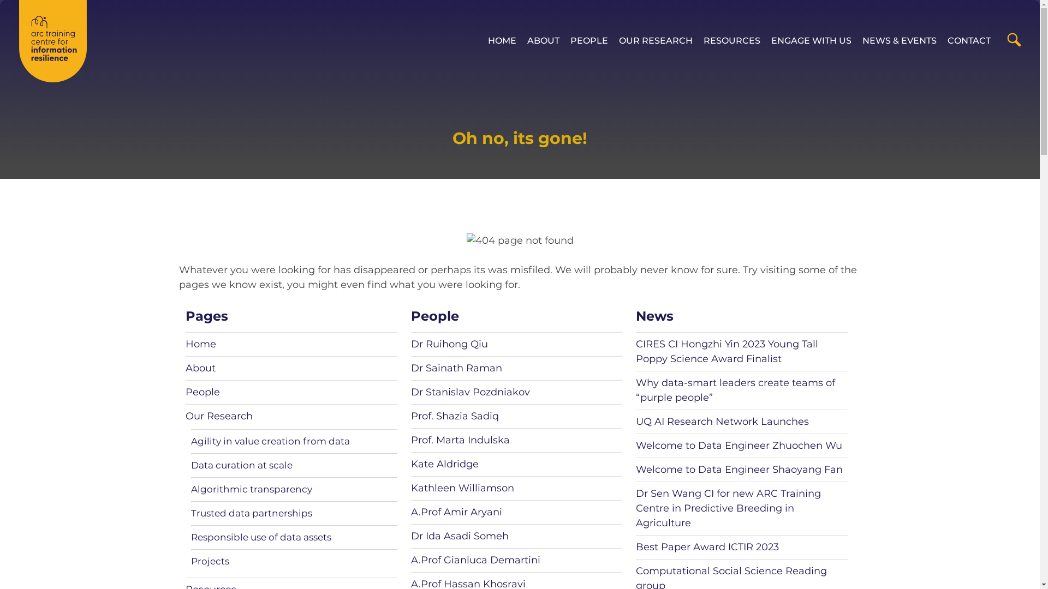 The width and height of the screenshot is (1048, 589). What do you see at coordinates (449, 344) in the screenshot?
I see `'Dr Ruihong Qiu'` at bounding box center [449, 344].